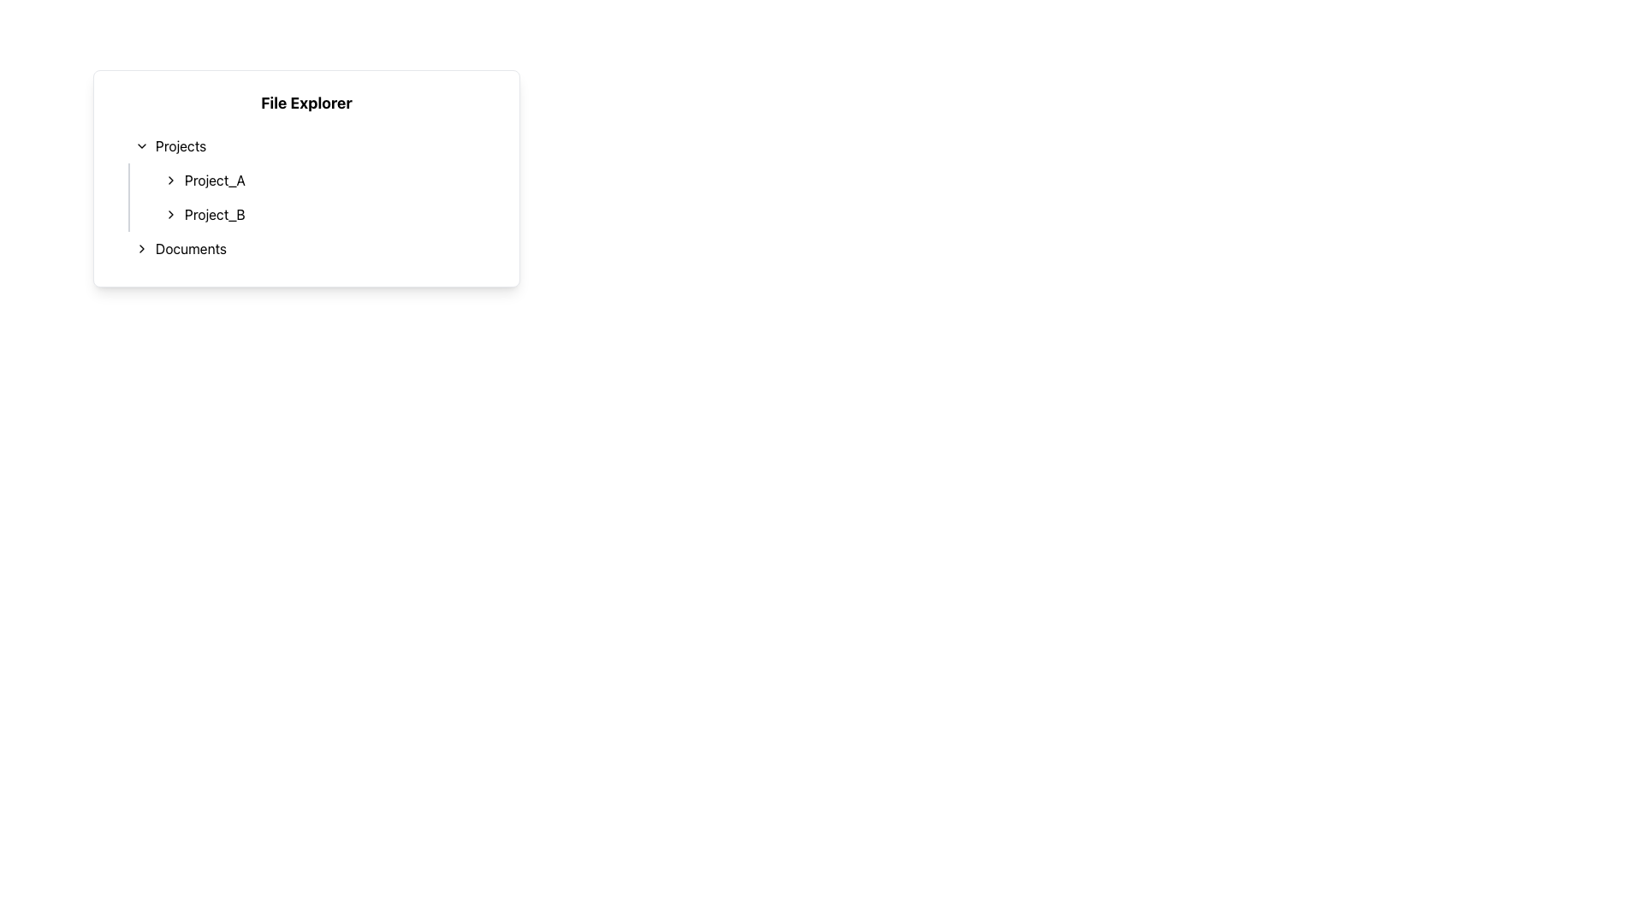 Image resolution: width=1643 pixels, height=924 pixels. I want to click on the Interactive List Item labeled 'Documents' to change its background color, which is the third visible item in the file explorer interface, so click(313, 248).